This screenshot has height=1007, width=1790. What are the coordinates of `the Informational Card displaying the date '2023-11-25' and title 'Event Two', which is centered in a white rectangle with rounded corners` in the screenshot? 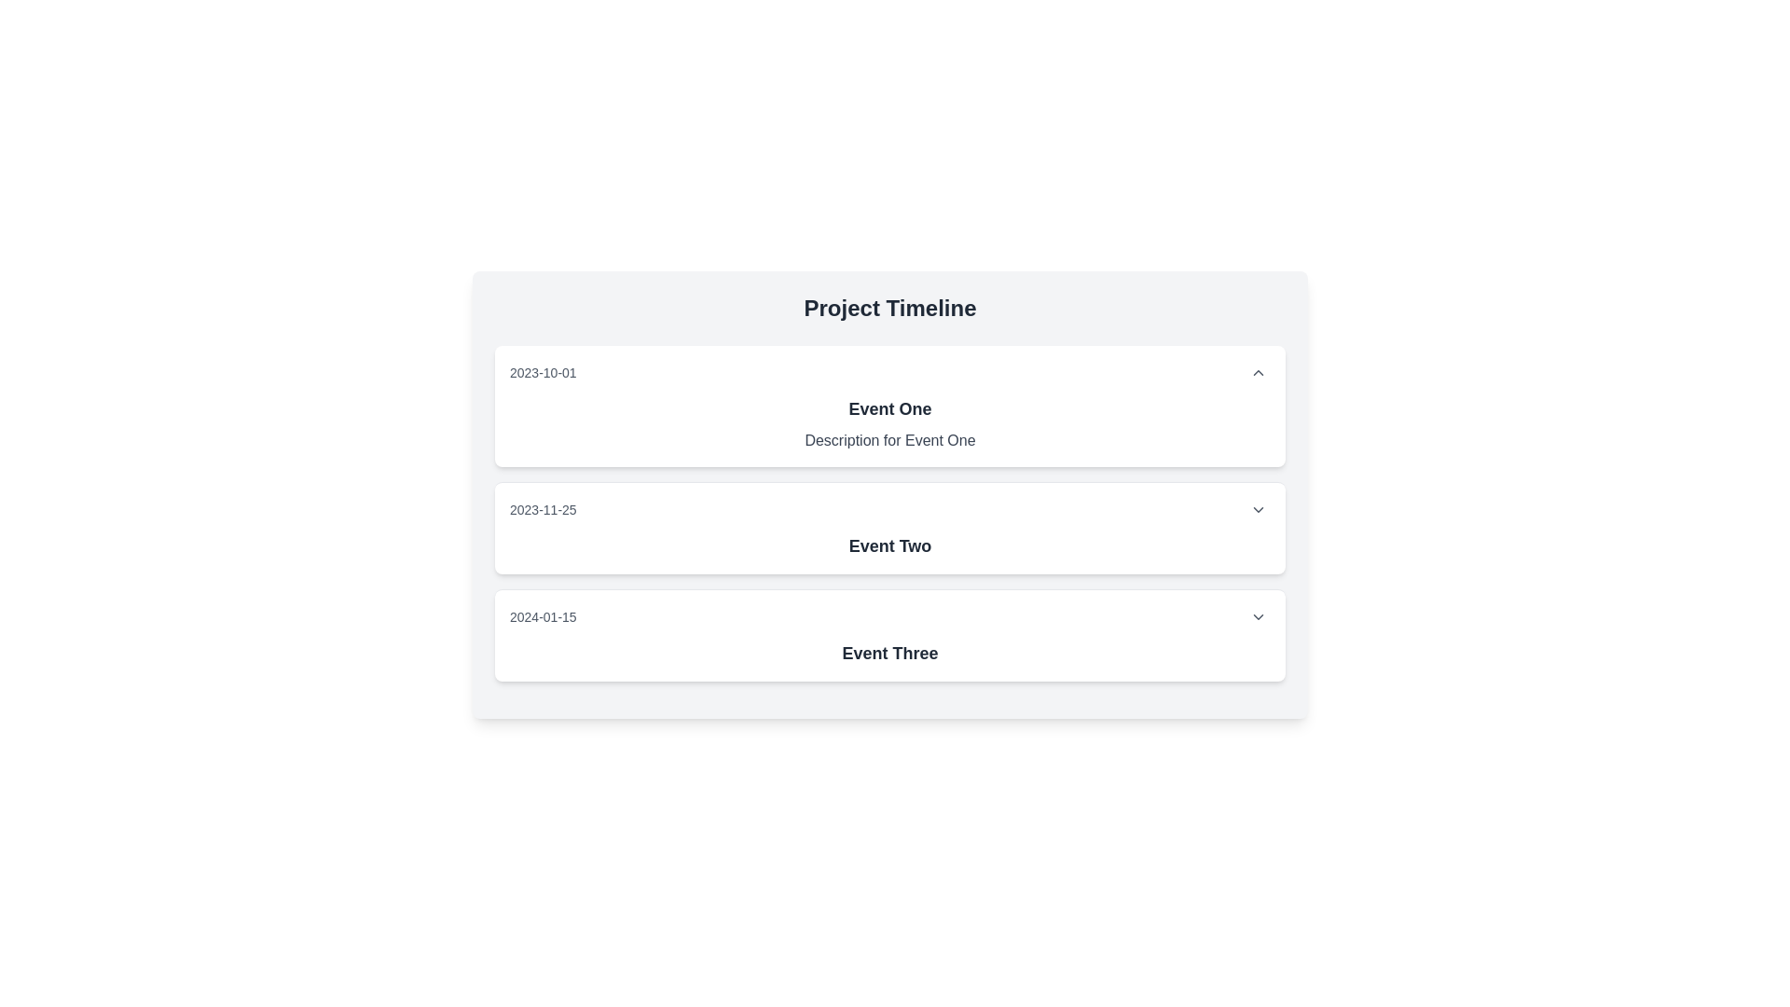 It's located at (889, 528).